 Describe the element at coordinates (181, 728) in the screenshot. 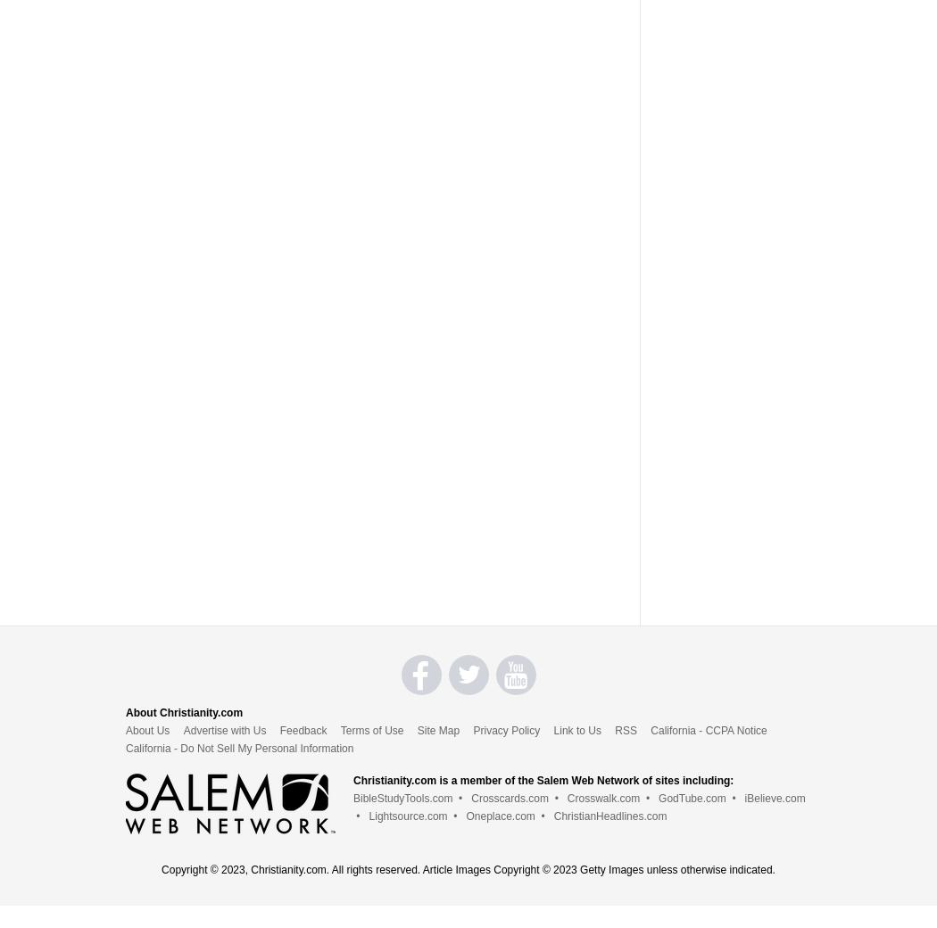

I see `'Advertise with Us'` at that location.